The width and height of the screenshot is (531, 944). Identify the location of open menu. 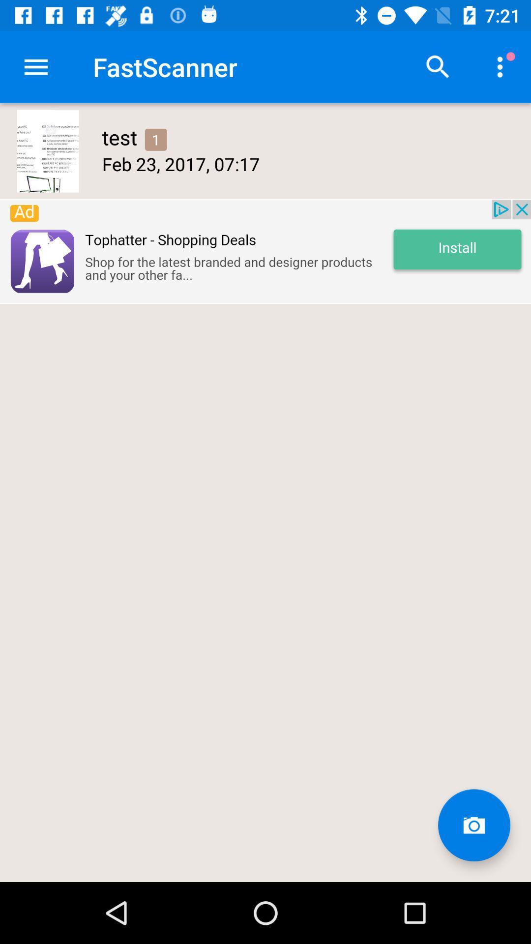
(35, 66).